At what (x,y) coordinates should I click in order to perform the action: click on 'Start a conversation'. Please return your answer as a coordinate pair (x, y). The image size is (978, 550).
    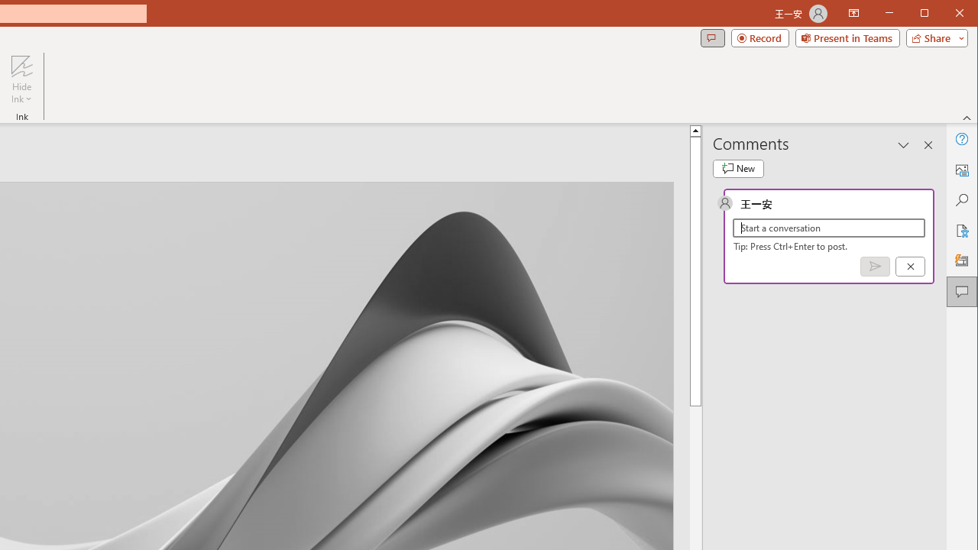
    Looking at the image, I should click on (828, 228).